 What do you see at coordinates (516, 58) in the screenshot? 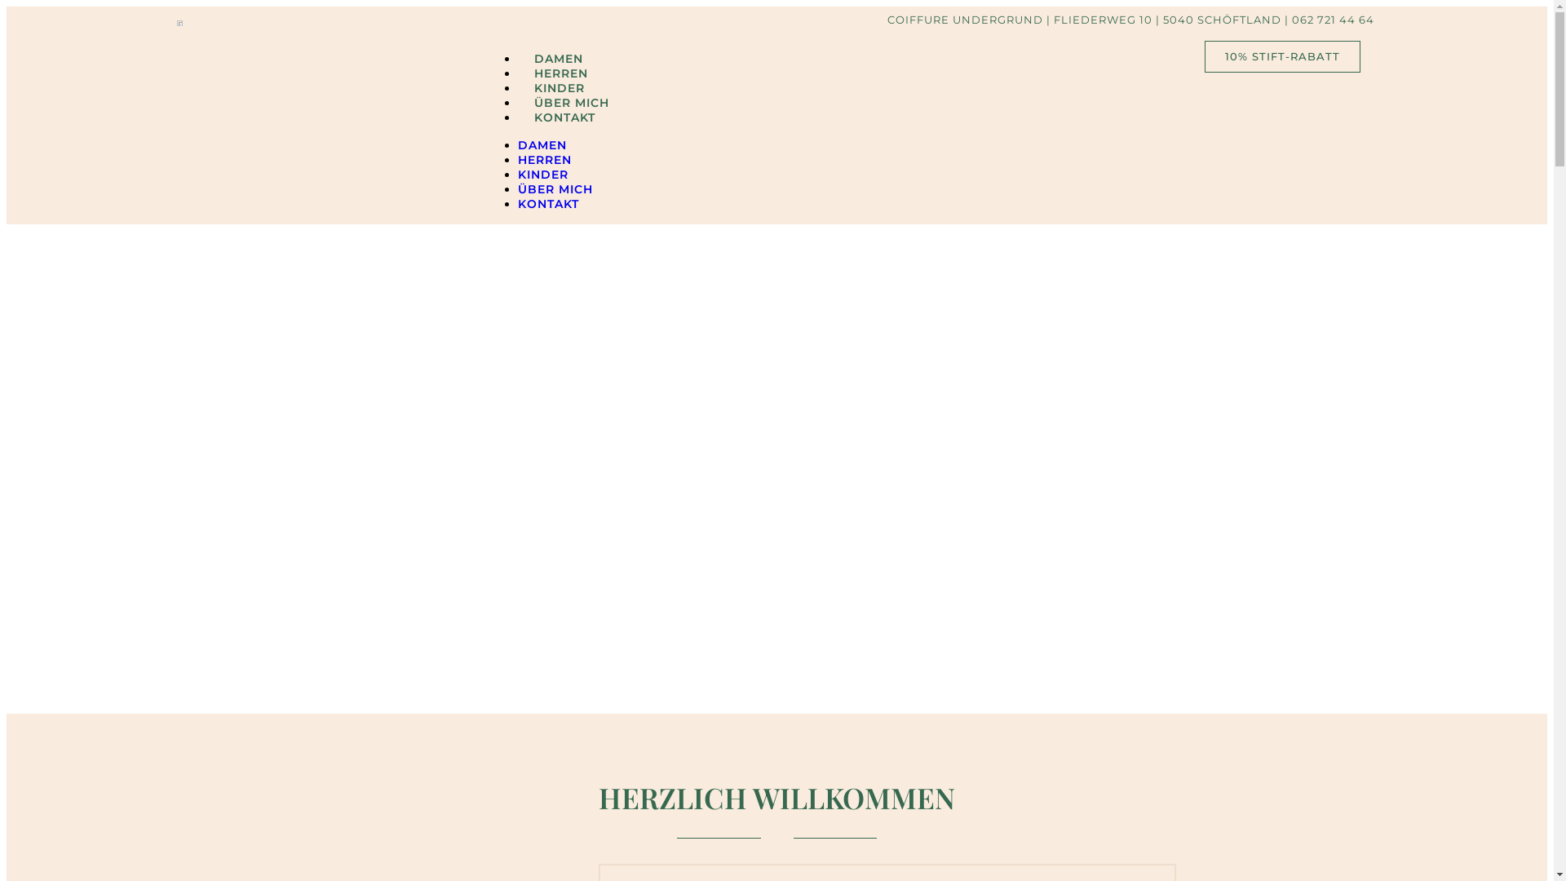
I see `'DAMEN'` at bounding box center [516, 58].